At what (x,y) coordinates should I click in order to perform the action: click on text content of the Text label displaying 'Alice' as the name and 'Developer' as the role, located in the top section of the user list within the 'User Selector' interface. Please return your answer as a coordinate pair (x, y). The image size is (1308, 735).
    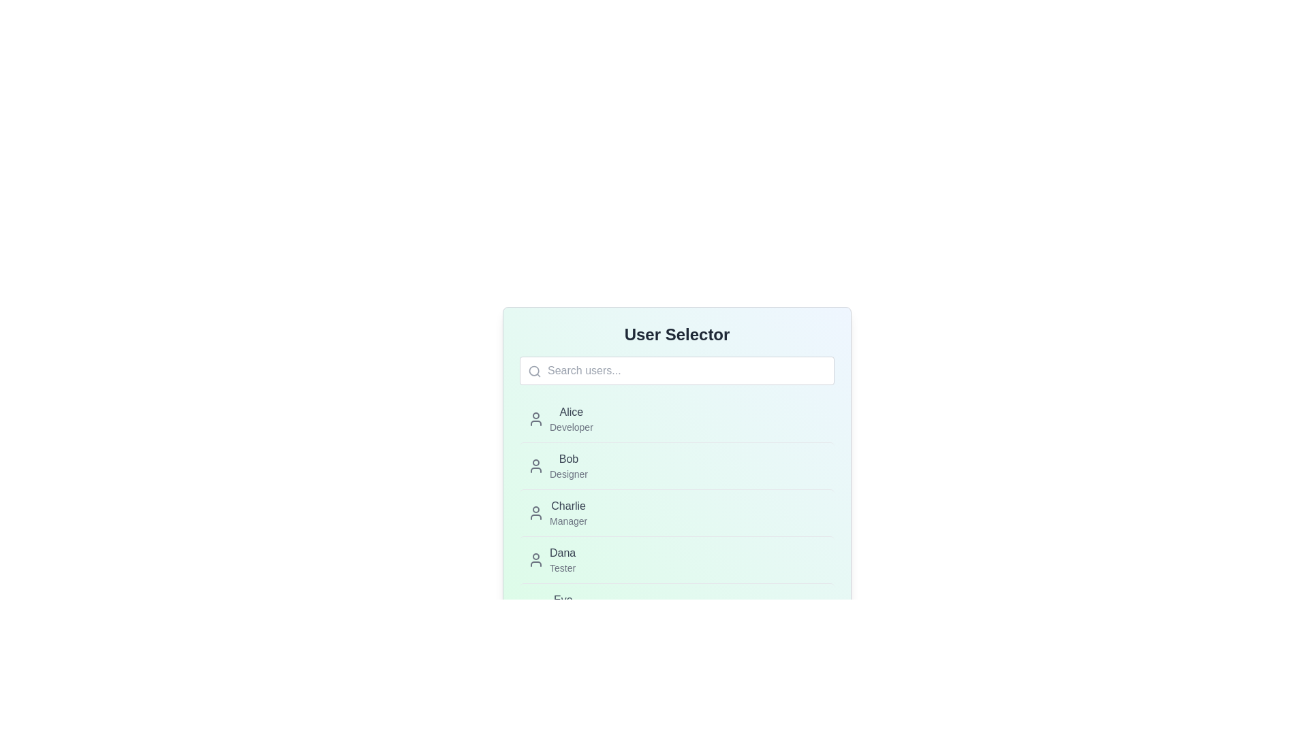
    Looking at the image, I should click on (571, 419).